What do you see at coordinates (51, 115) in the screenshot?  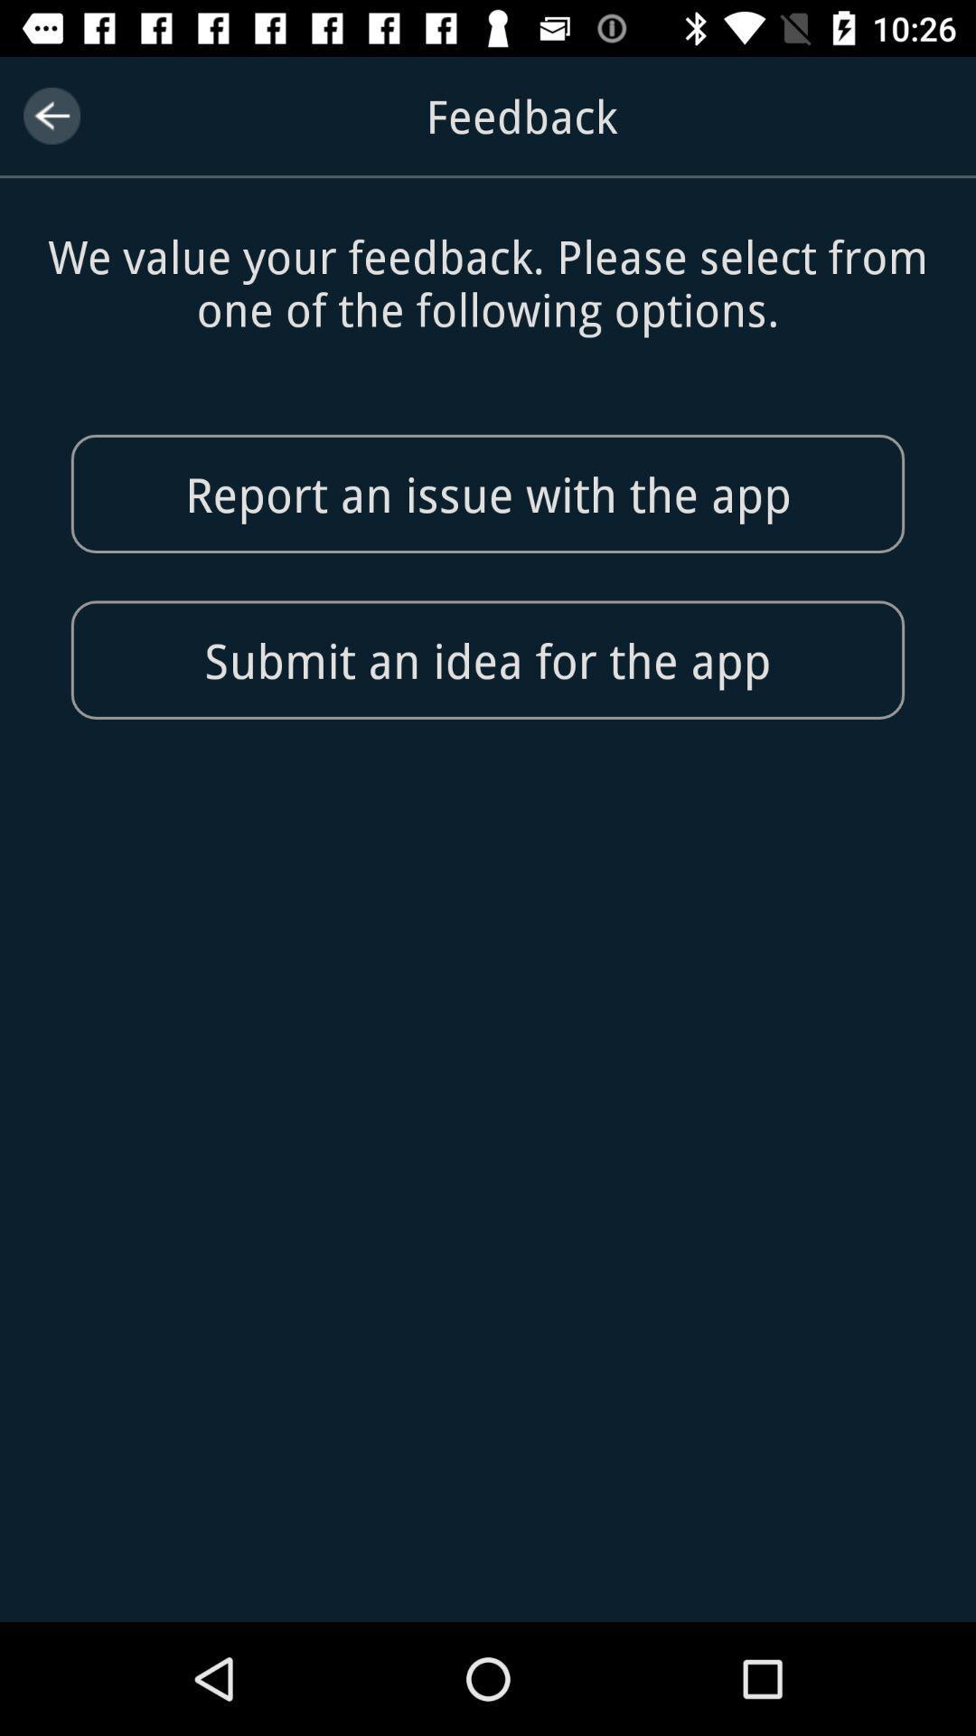 I see `the arrow_backward icon` at bounding box center [51, 115].